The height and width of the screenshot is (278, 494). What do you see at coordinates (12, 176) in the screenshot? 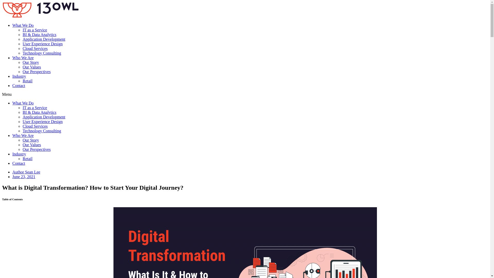
I see `'June 23, 2021'` at bounding box center [12, 176].